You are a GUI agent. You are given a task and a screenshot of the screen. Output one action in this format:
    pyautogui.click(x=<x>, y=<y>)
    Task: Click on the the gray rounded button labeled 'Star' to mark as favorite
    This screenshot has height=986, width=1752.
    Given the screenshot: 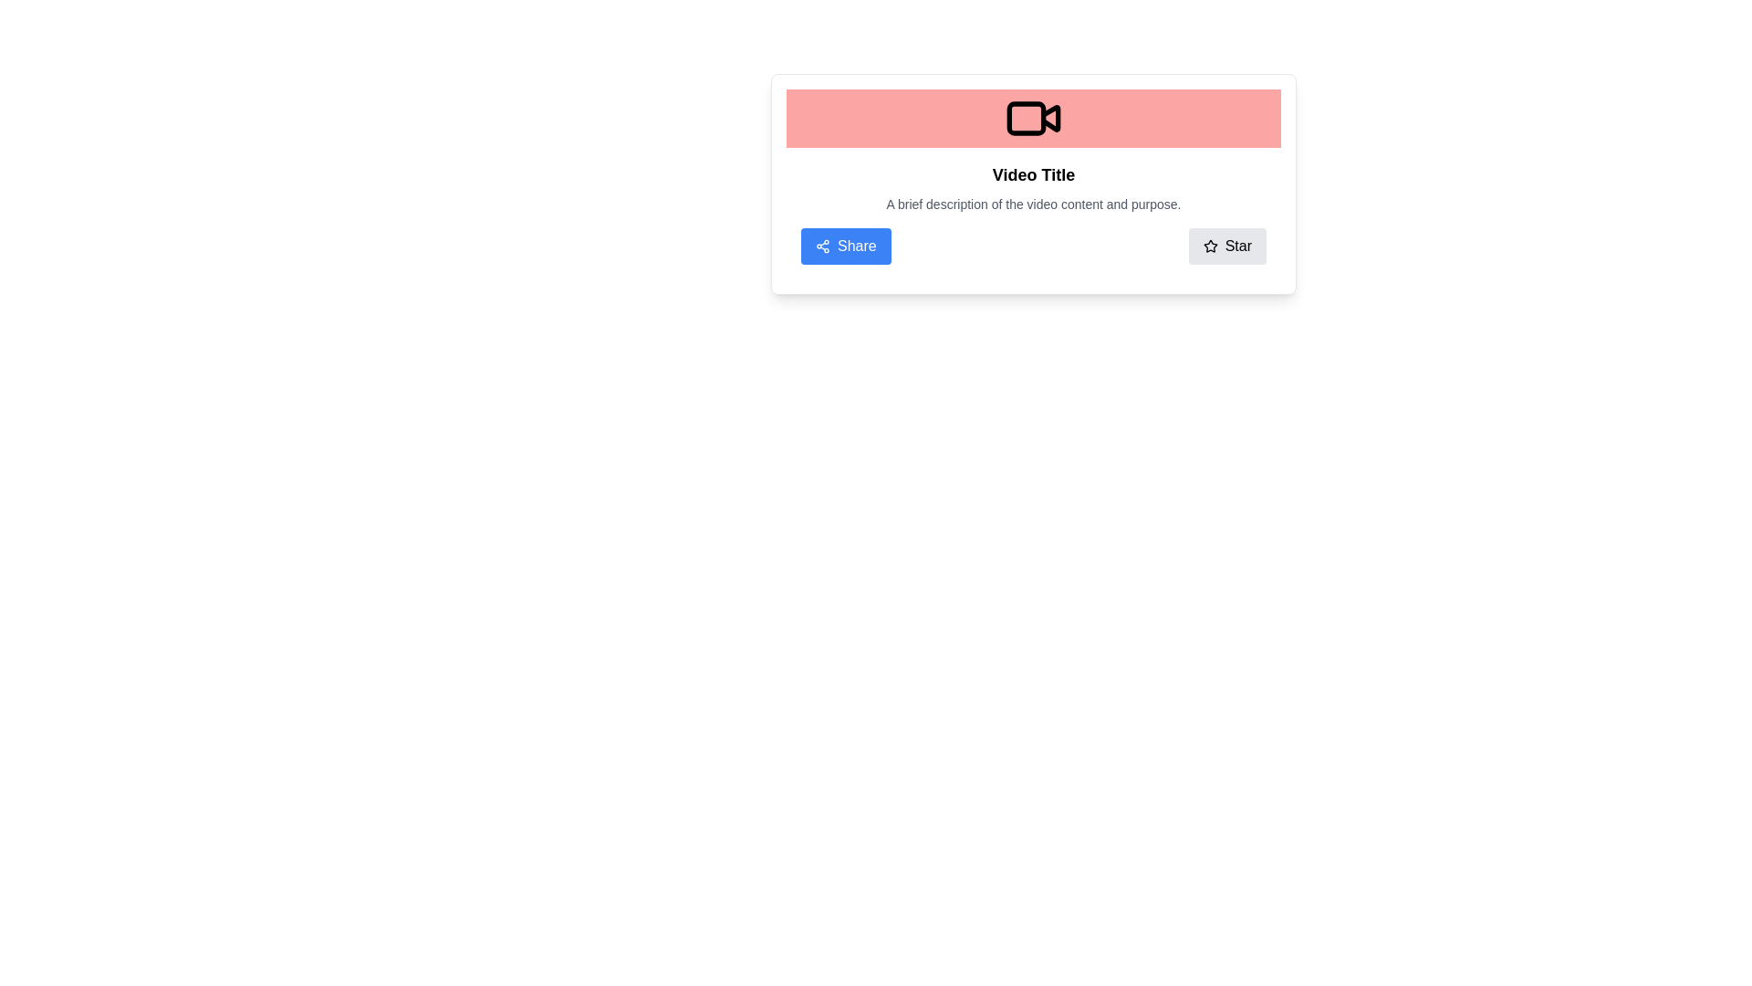 What is the action you would take?
    pyautogui.click(x=1226, y=246)
    